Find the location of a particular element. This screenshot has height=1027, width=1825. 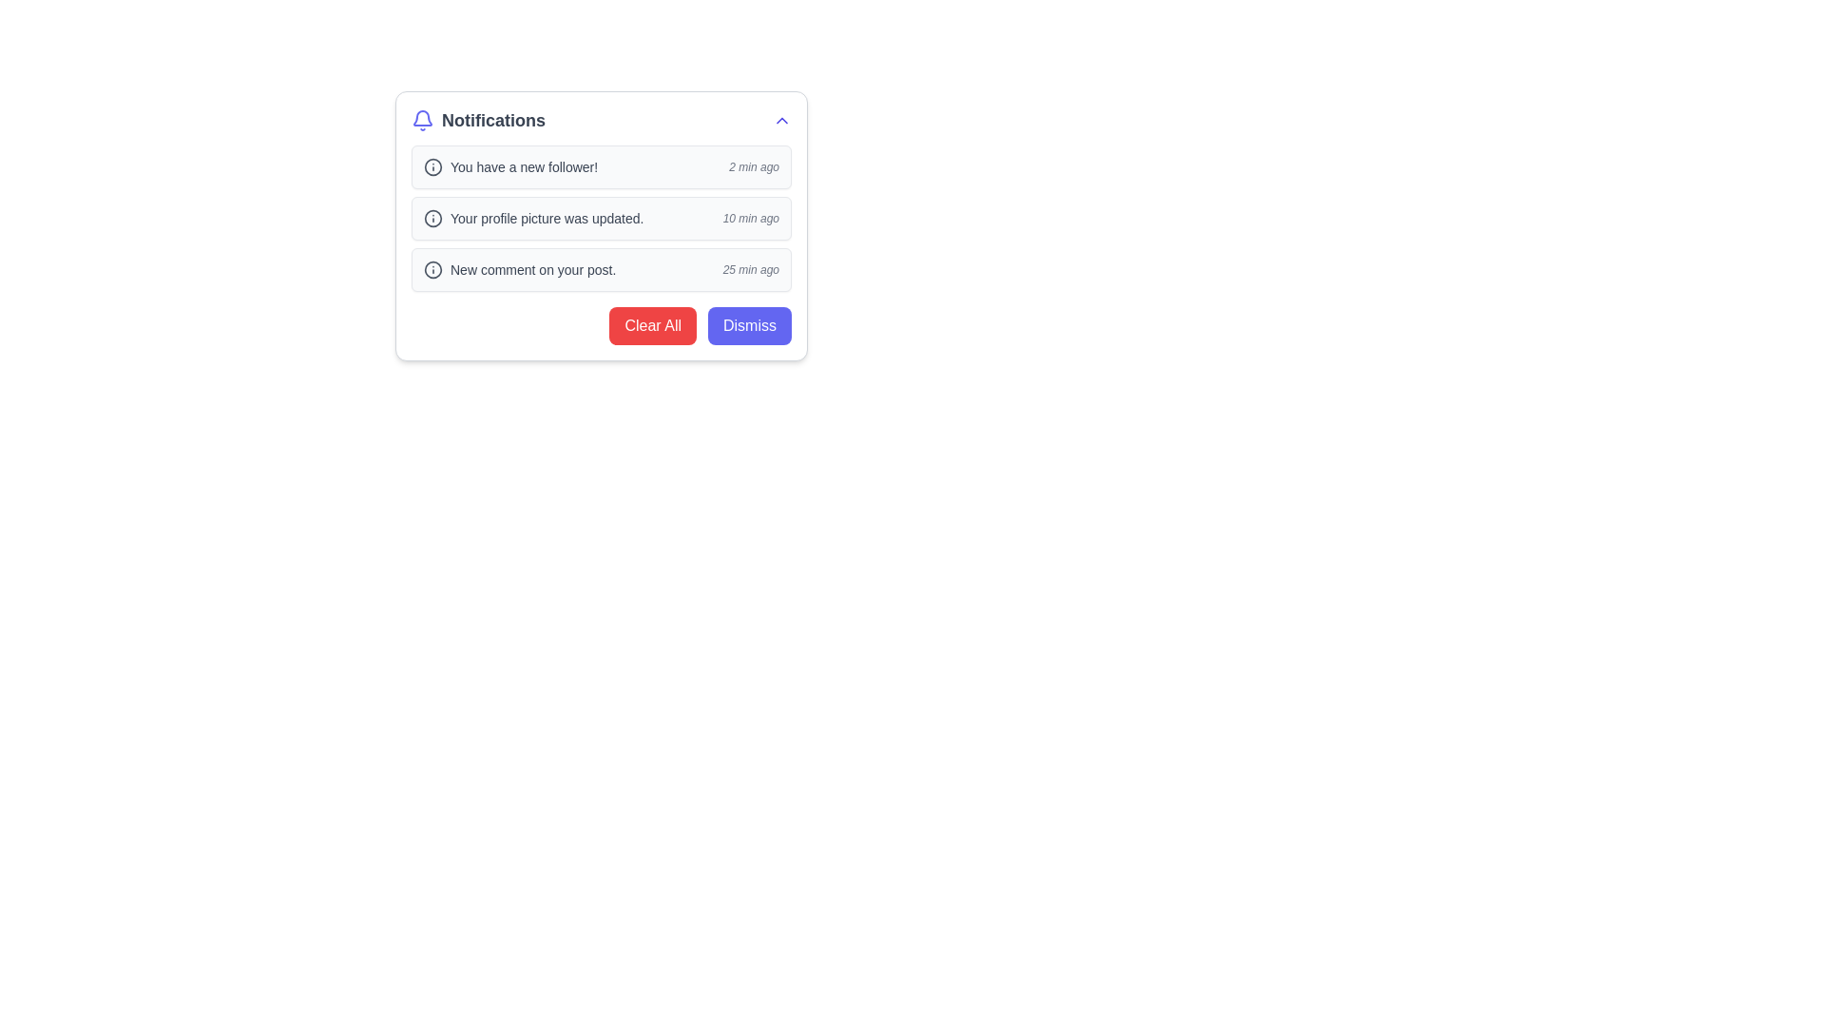

message displayed in the label that says 'You have a new follower!', which is styled in gray font and located next to an adjacent circular icon in the first notification entry is located at coordinates (510, 166).